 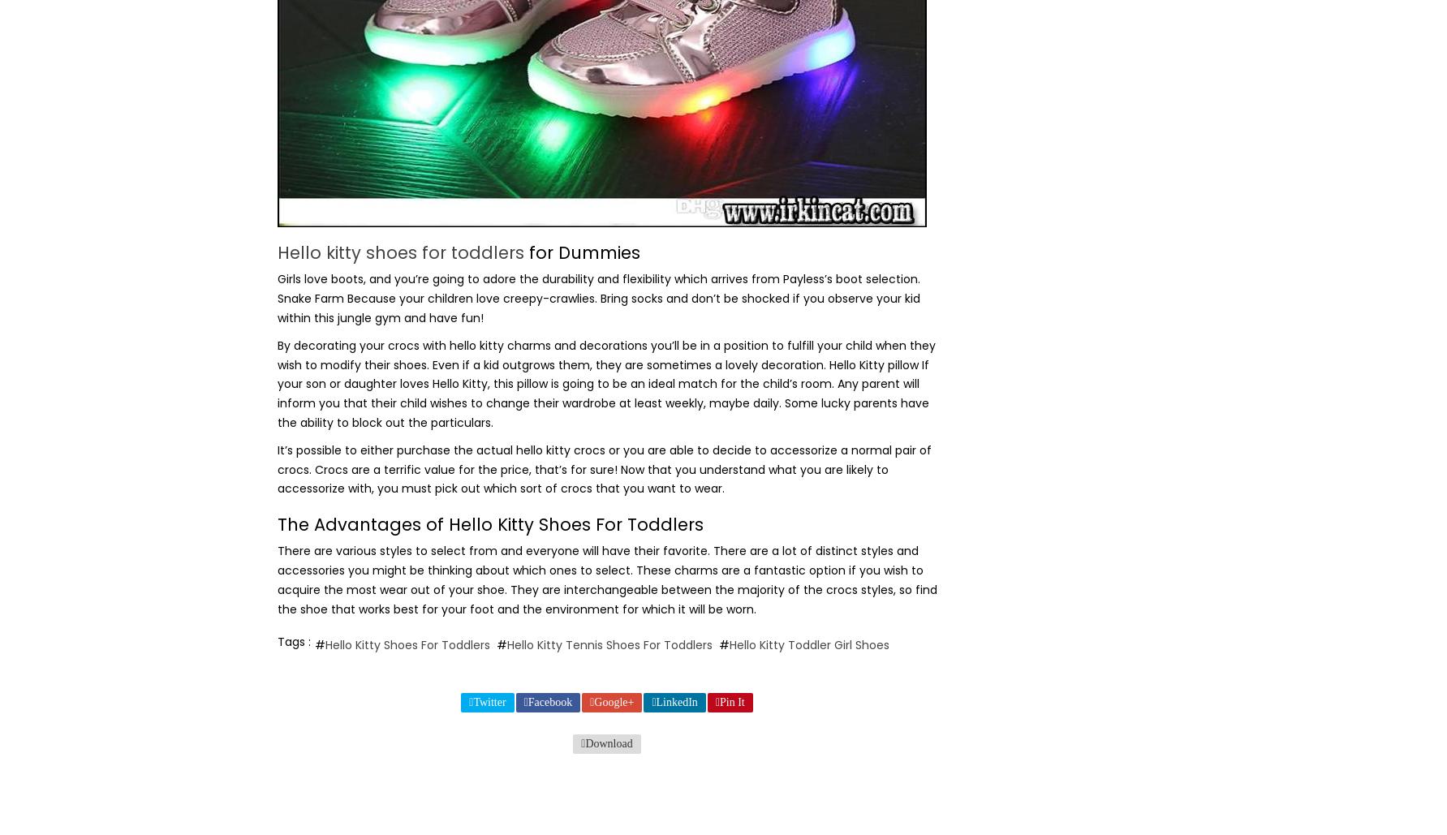 What do you see at coordinates (676, 700) in the screenshot?
I see `'LinkedIn'` at bounding box center [676, 700].